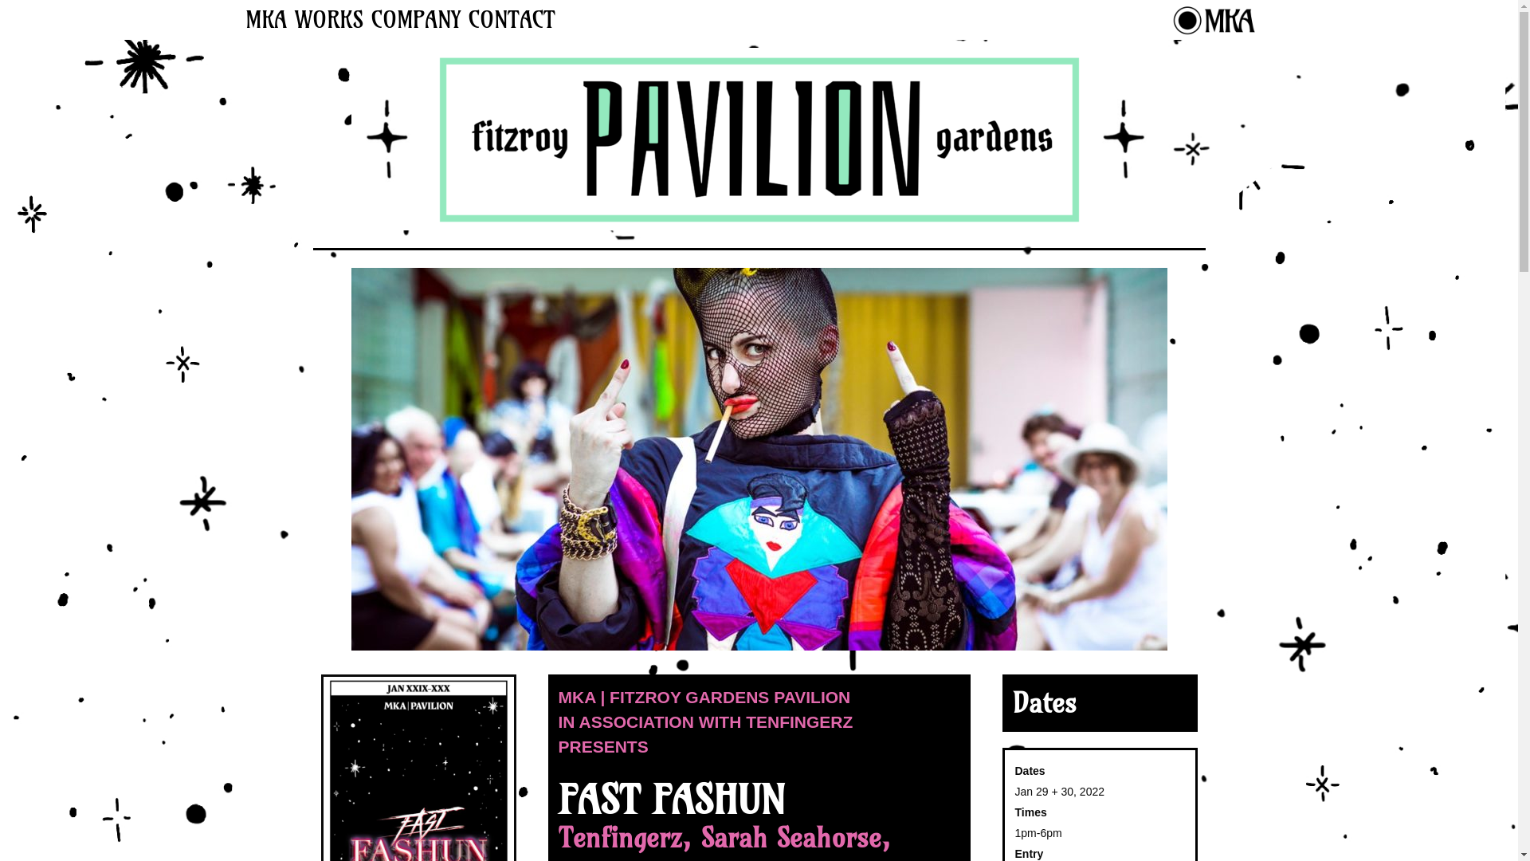  What do you see at coordinates (415, 19) in the screenshot?
I see `'COMPANY'` at bounding box center [415, 19].